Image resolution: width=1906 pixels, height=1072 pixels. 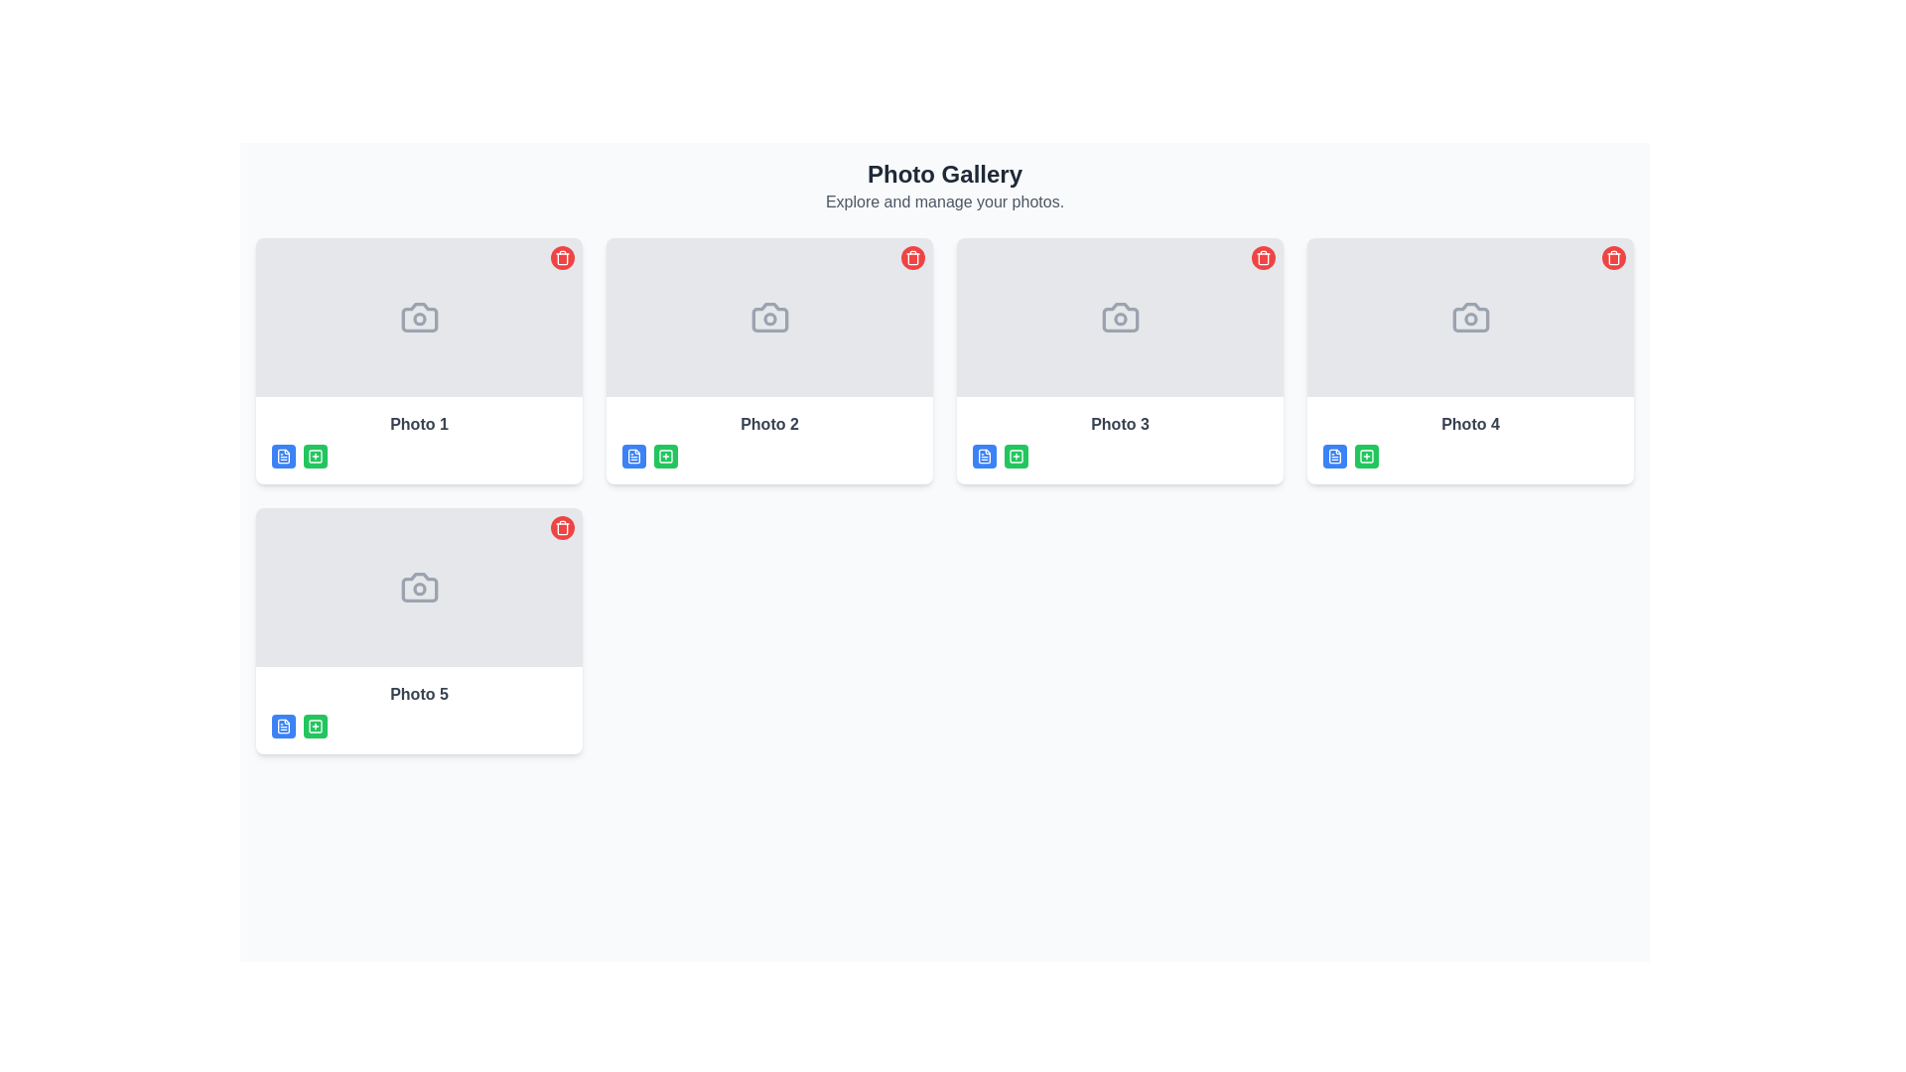 What do you see at coordinates (666, 456) in the screenshot?
I see `the Icon button located in the button row underneath the card labeled 'Photo 2', which is the second button from the left` at bounding box center [666, 456].